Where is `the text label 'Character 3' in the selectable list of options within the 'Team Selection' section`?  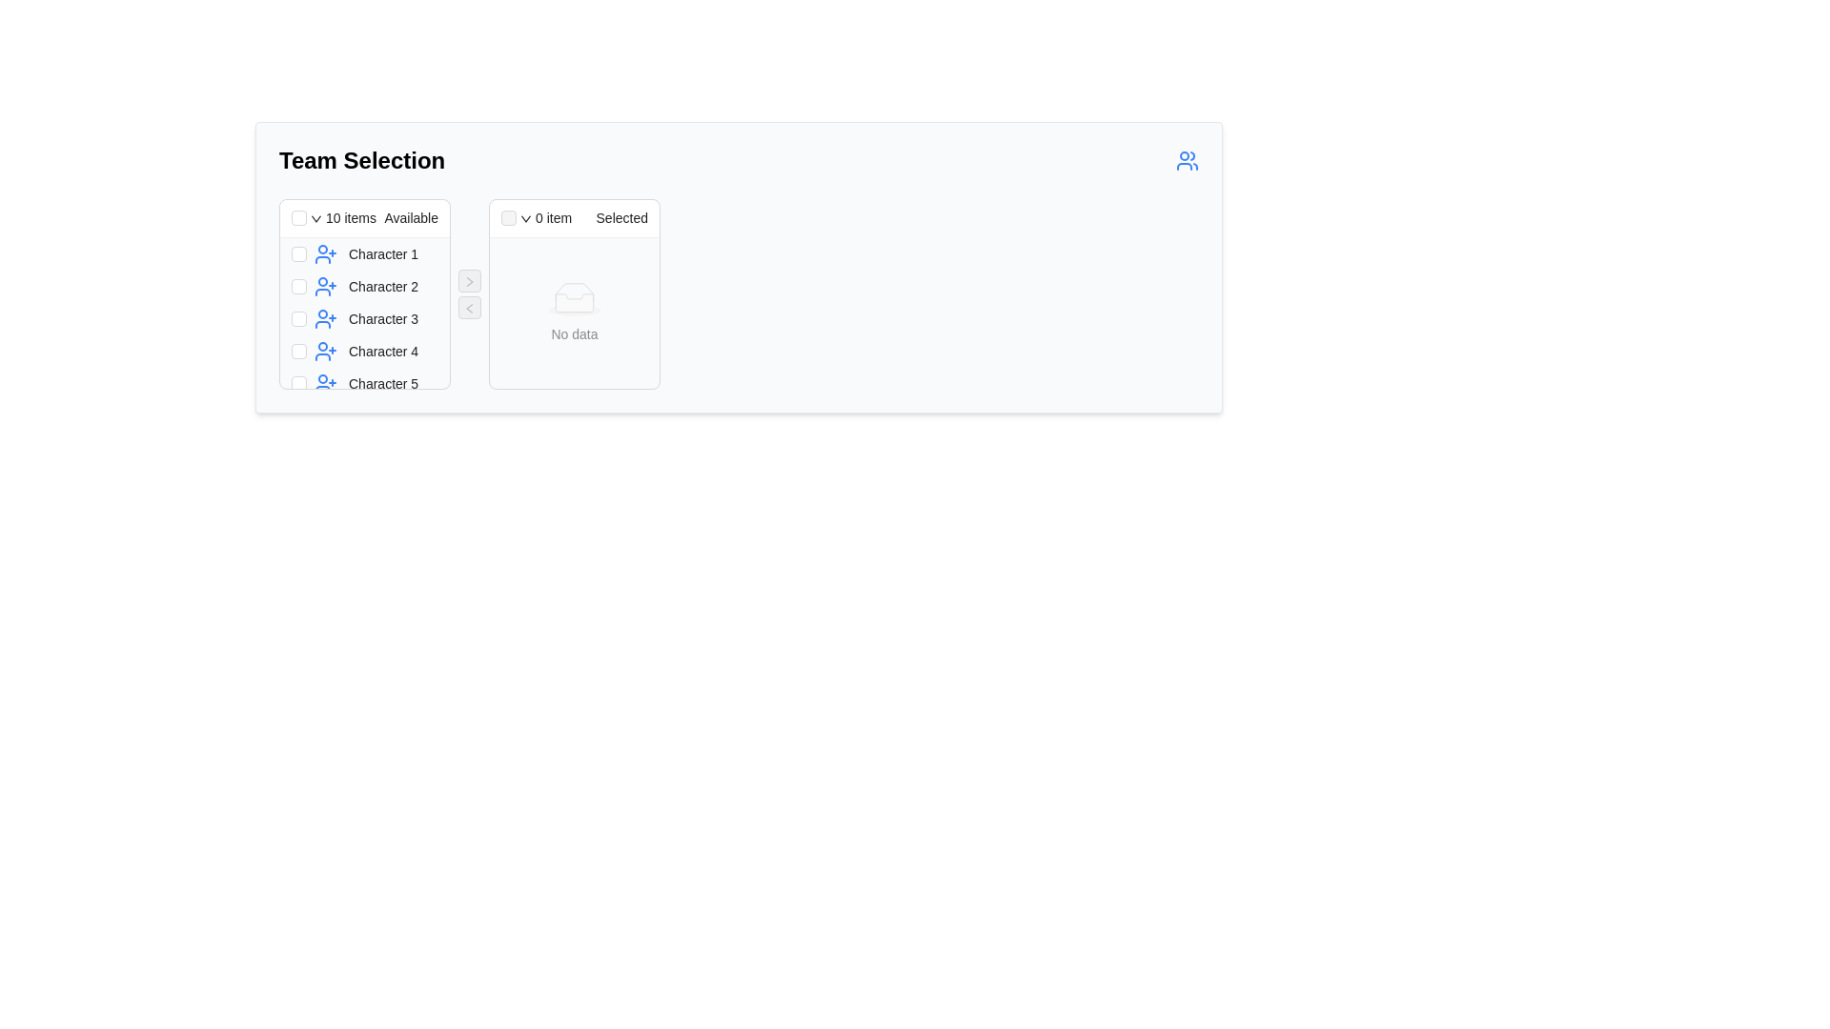 the text label 'Character 3' in the selectable list of options within the 'Team Selection' section is located at coordinates (376, 318).